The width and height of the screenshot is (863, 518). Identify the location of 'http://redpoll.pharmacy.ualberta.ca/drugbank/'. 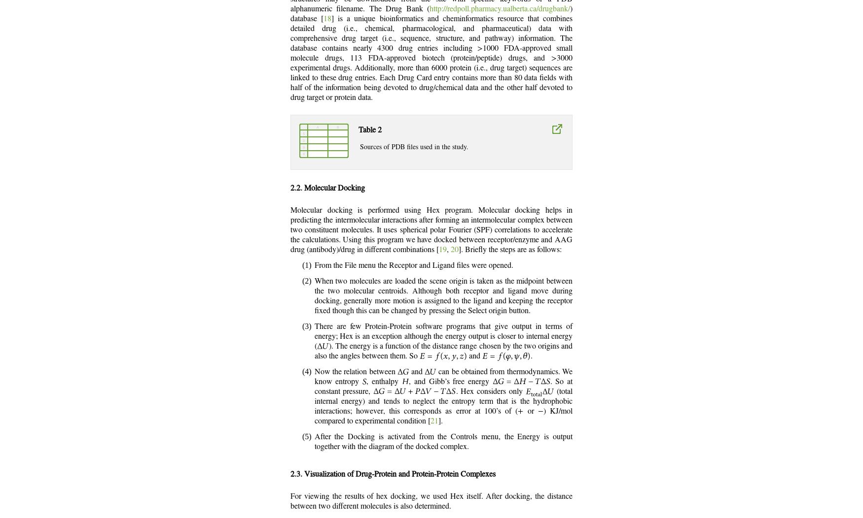
(499, 8).